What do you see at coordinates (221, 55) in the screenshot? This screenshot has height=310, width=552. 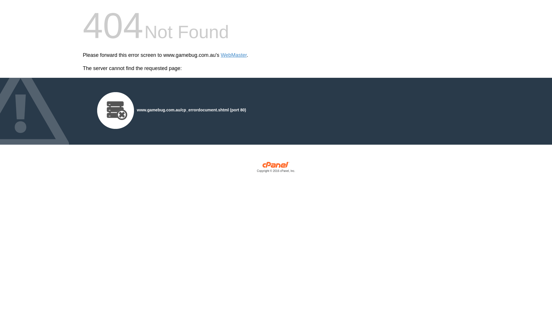 I see `'WebMaster'` at bounding box center [221, 55].